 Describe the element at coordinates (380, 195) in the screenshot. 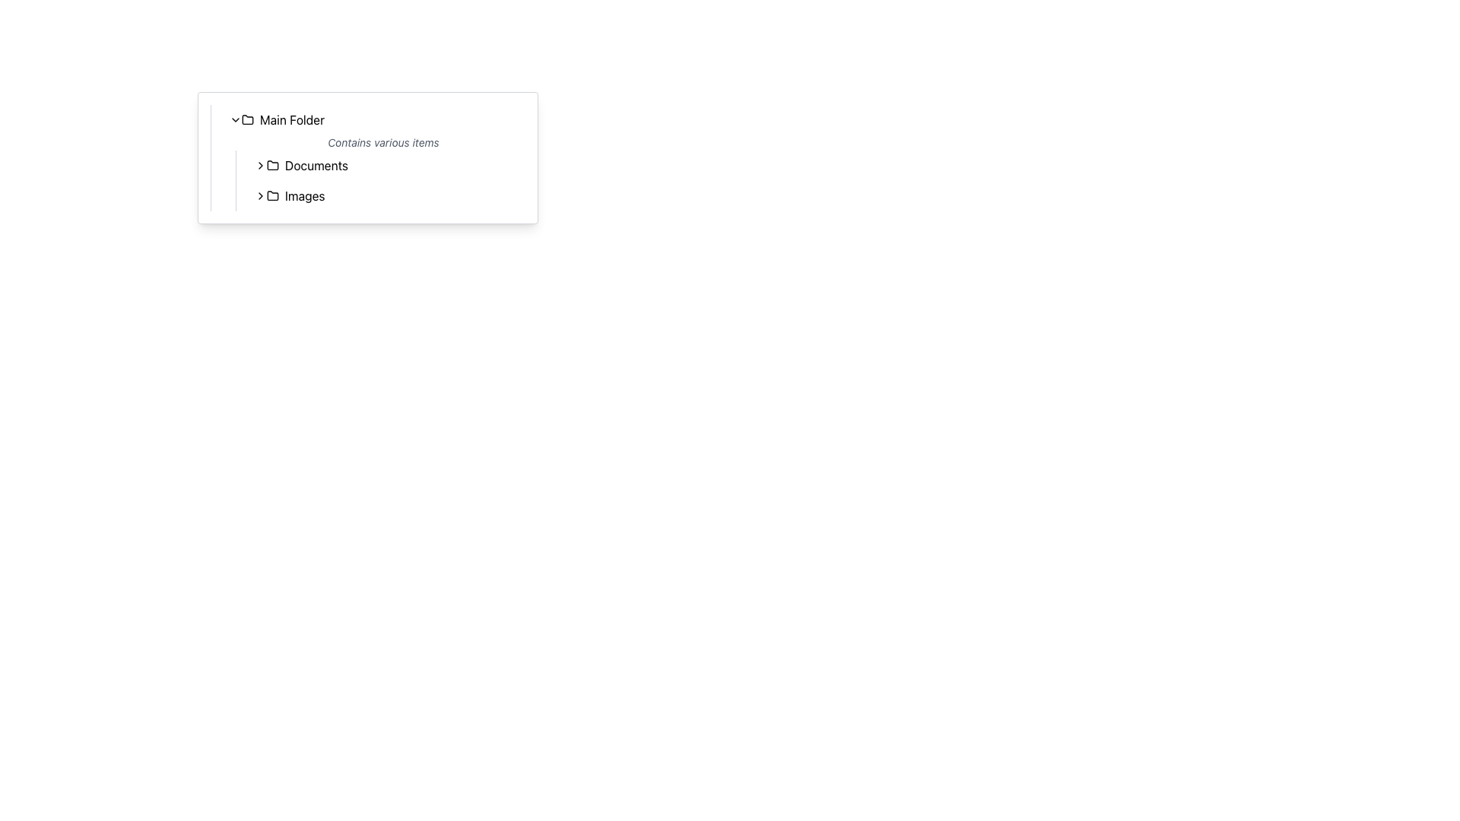

I see `the 'Images' folder item in the tree view located under 'Main Folder'` at that location.